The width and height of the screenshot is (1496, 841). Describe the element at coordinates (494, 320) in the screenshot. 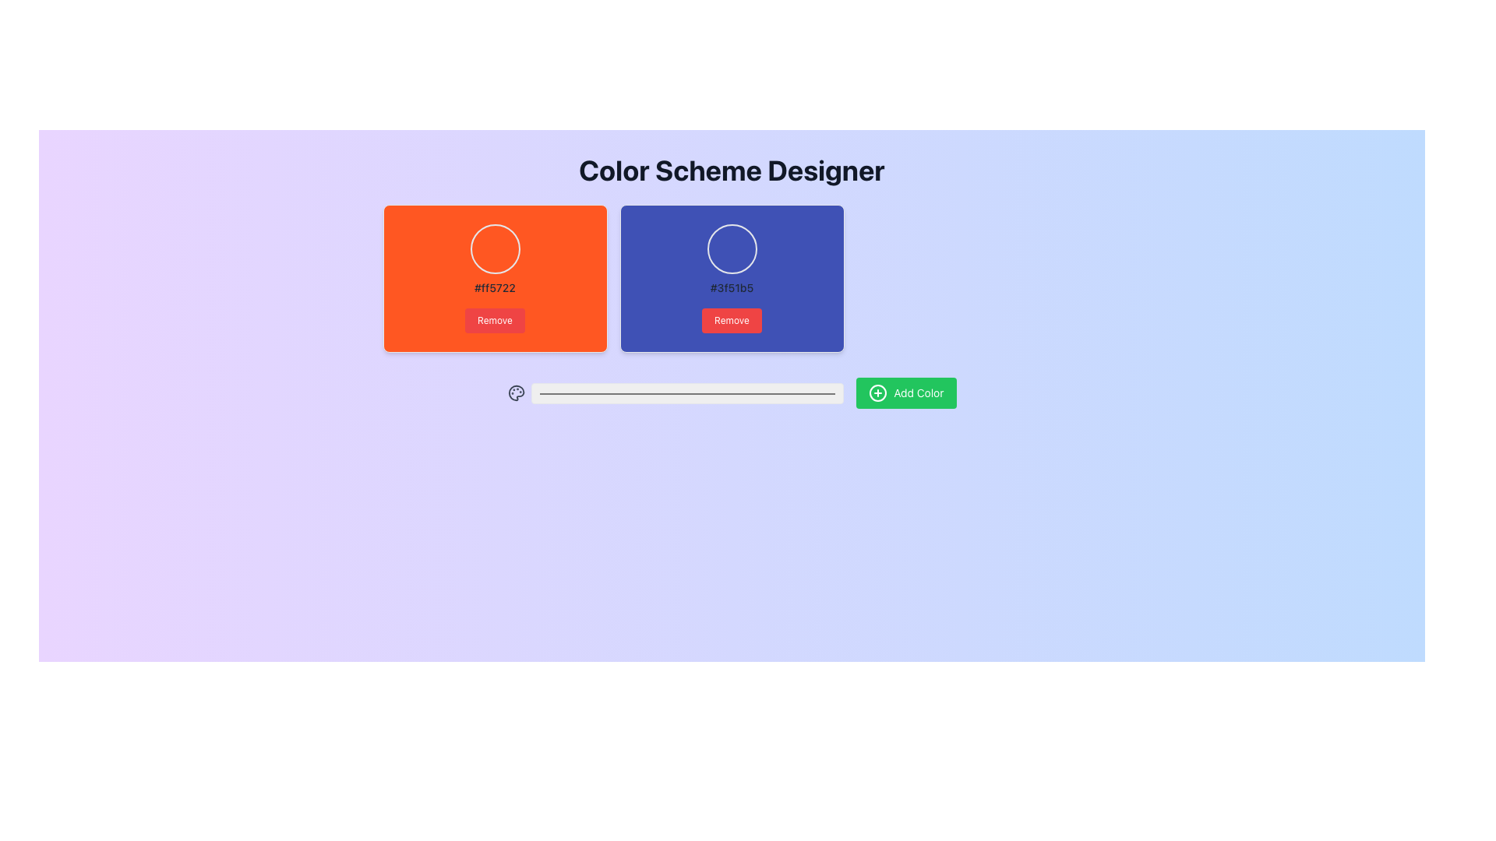

I see `the 'Remove' button located at the bottom center of the orange-colored card to observe potential hover states` at that location.